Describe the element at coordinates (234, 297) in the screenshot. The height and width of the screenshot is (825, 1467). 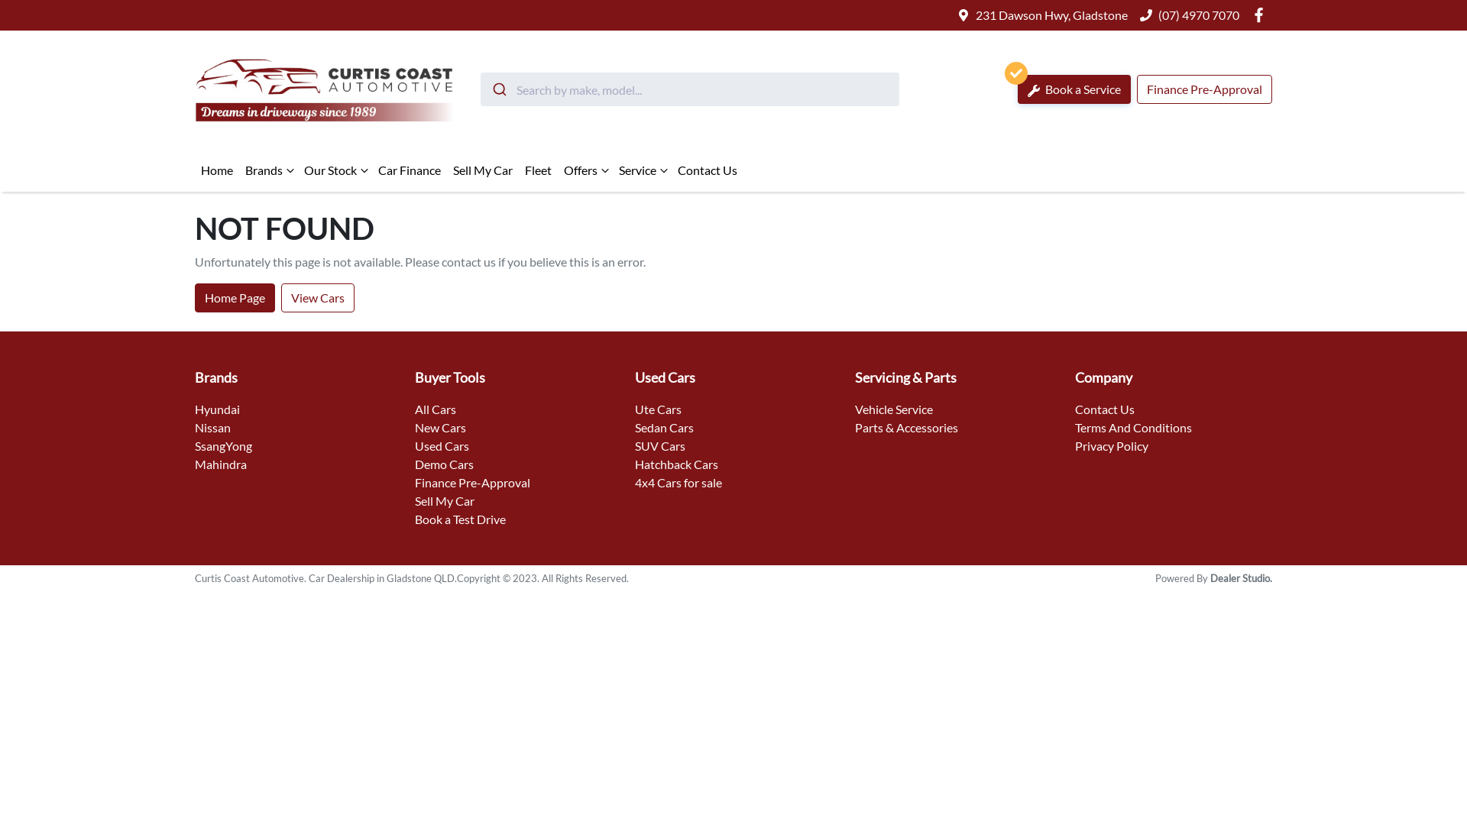
I see `'Home Page'` at that location.